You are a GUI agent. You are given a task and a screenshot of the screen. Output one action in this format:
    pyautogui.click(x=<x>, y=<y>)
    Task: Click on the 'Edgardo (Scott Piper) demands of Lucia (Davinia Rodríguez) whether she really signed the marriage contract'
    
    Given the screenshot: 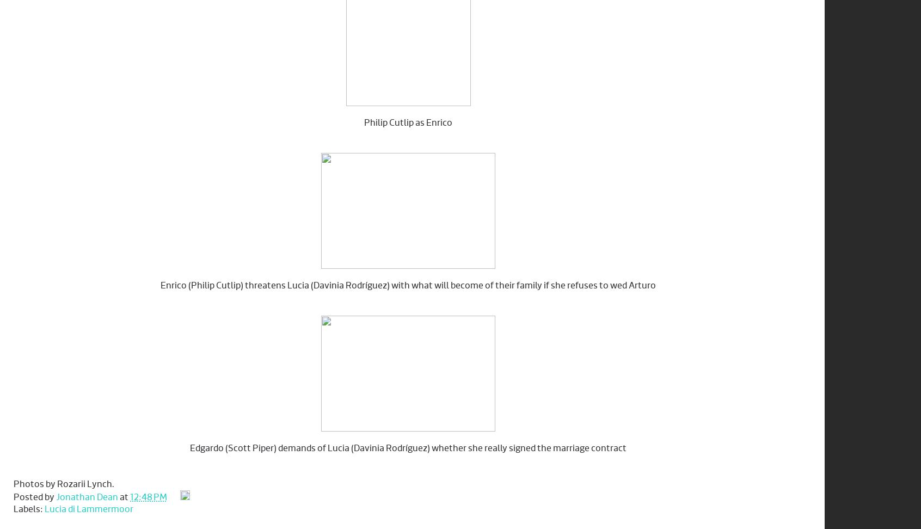 What is the action you would take?
    pyautogui.click(x=189, y=447)
    